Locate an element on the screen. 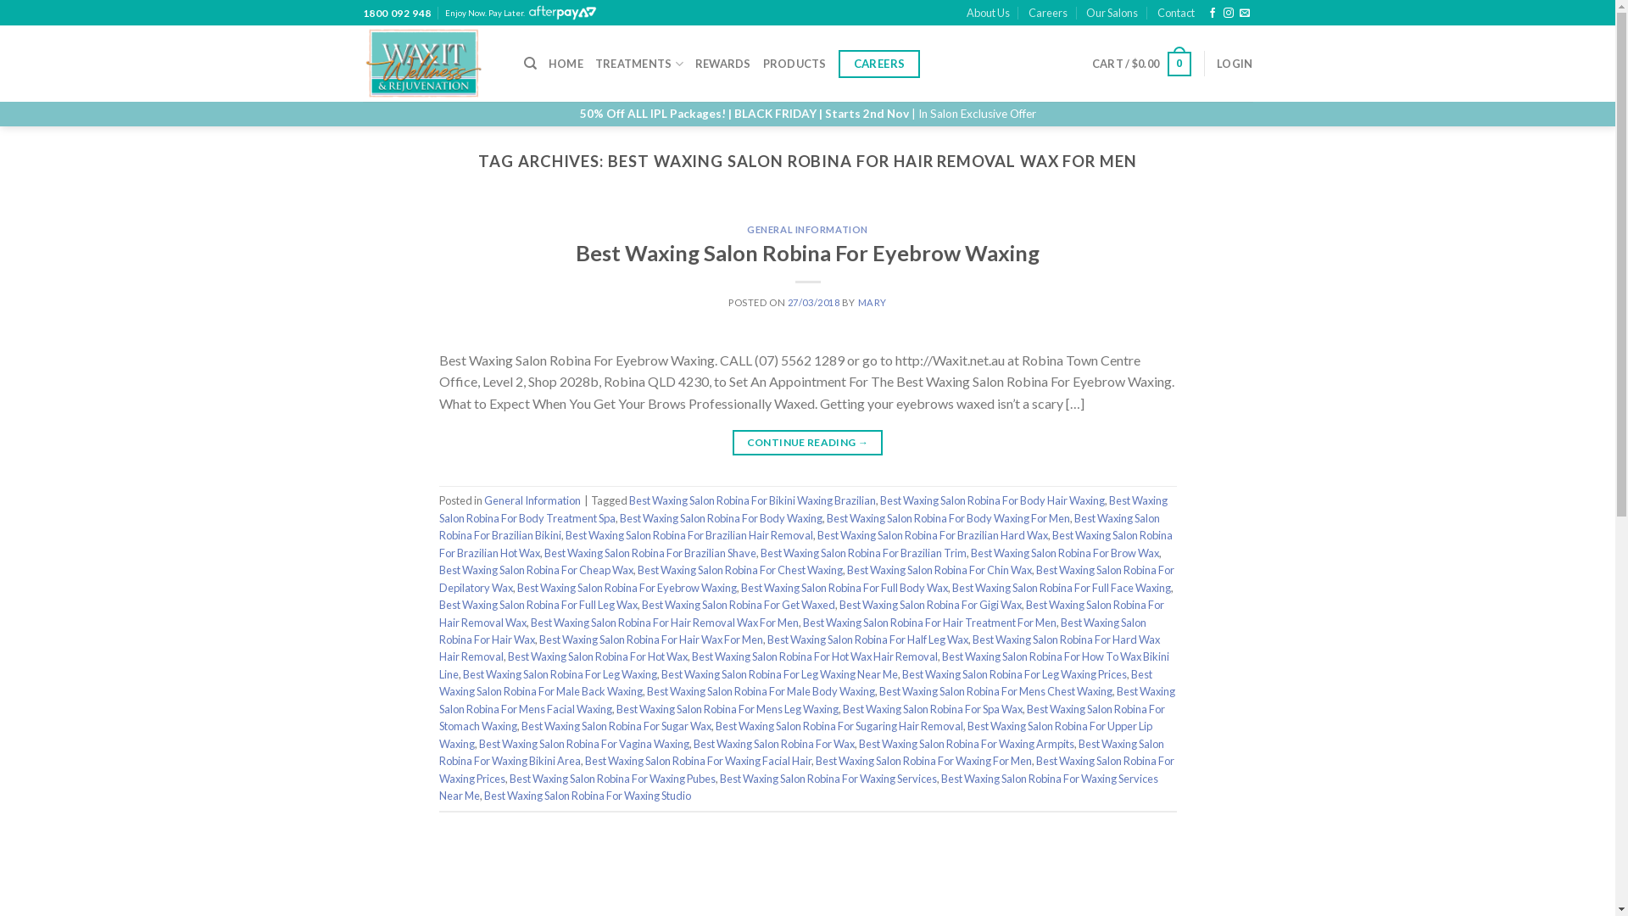  'Best Waxing Salon Robina For Body Waxing For Men' is located at coordinates (946, 517).